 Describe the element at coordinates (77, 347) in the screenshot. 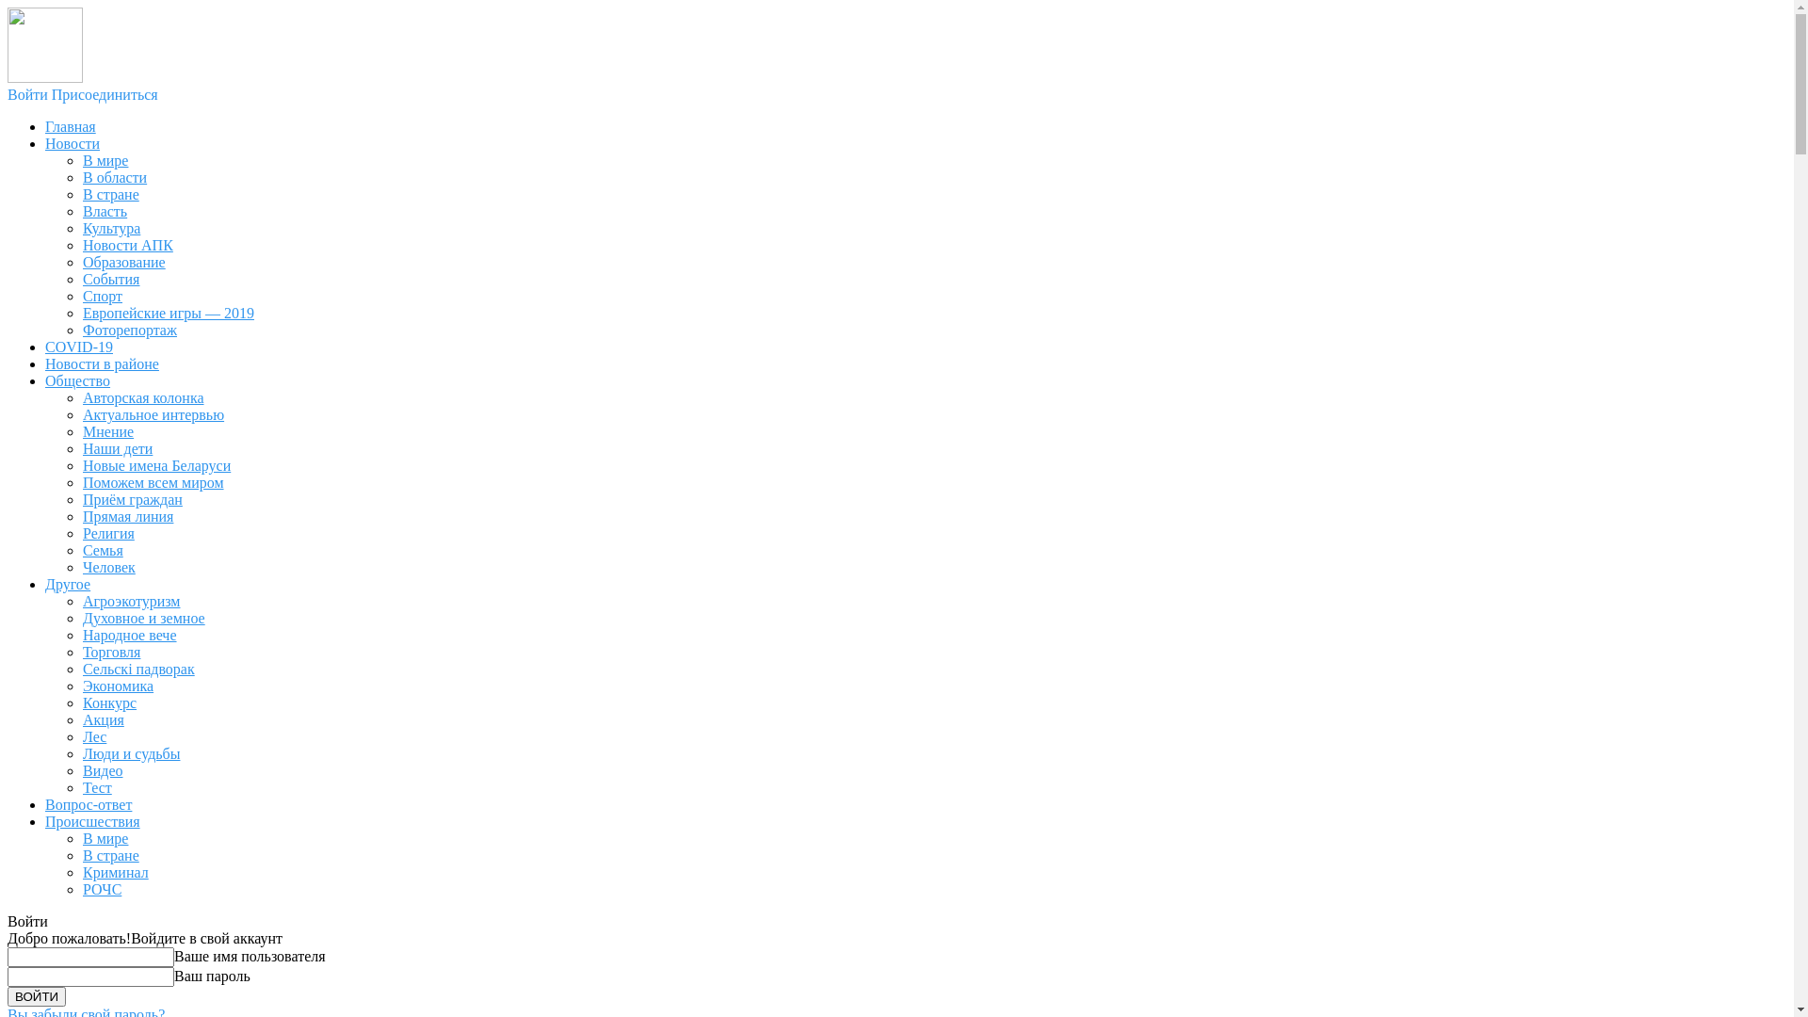

I see `'COVID-19'` at that location.